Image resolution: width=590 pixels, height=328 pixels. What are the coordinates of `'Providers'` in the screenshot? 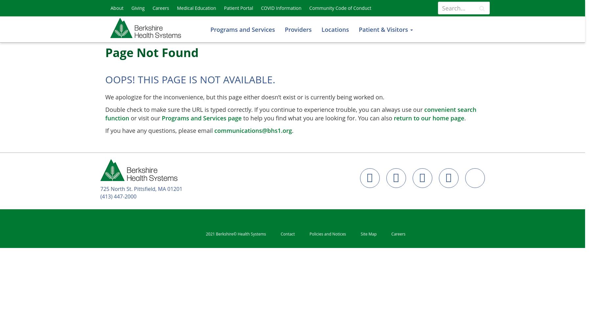 It's located at (284, 29).